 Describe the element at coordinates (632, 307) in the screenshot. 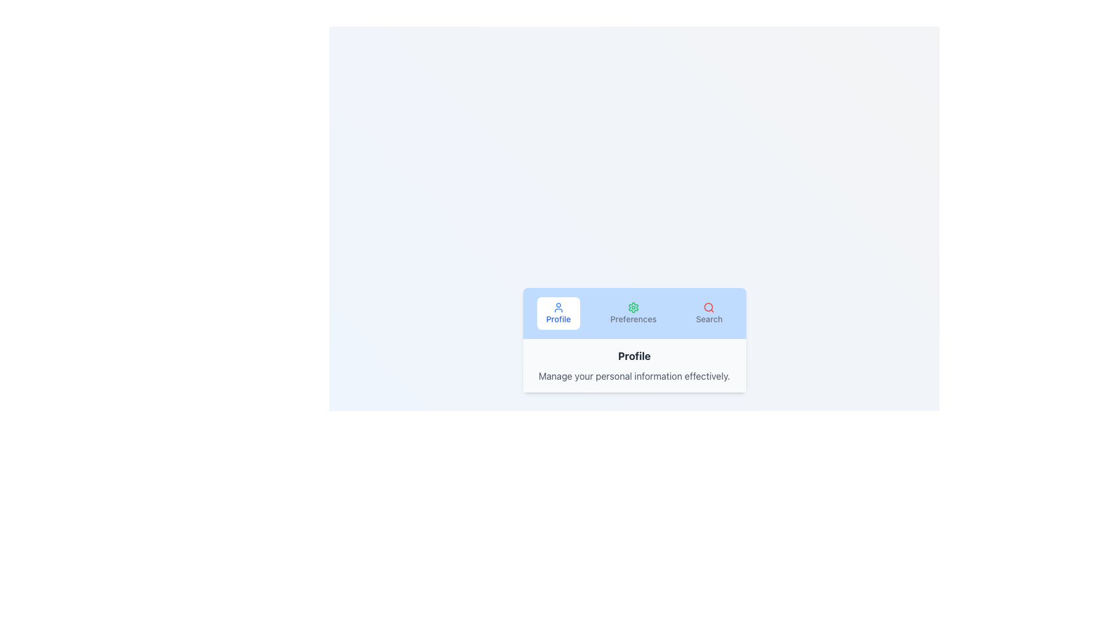

I see `the green gear-shaped icon labeled 'Preferences'` at that location.